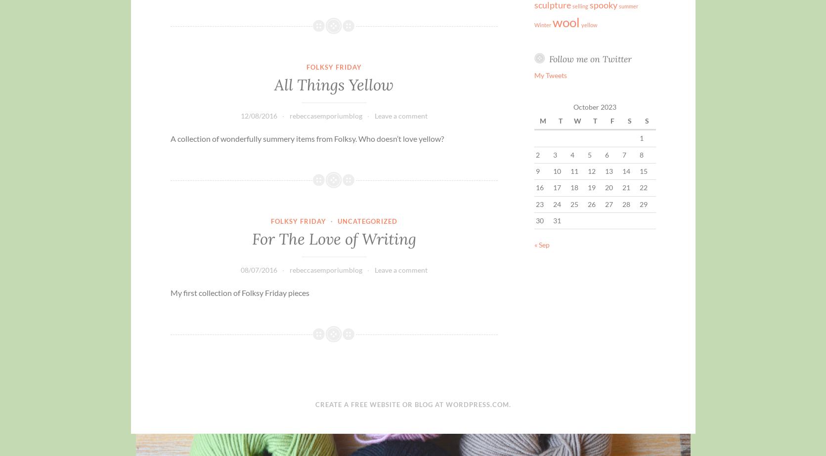 This screenshot has height=456, width=826. I want to click on '10', so click(557, 170).